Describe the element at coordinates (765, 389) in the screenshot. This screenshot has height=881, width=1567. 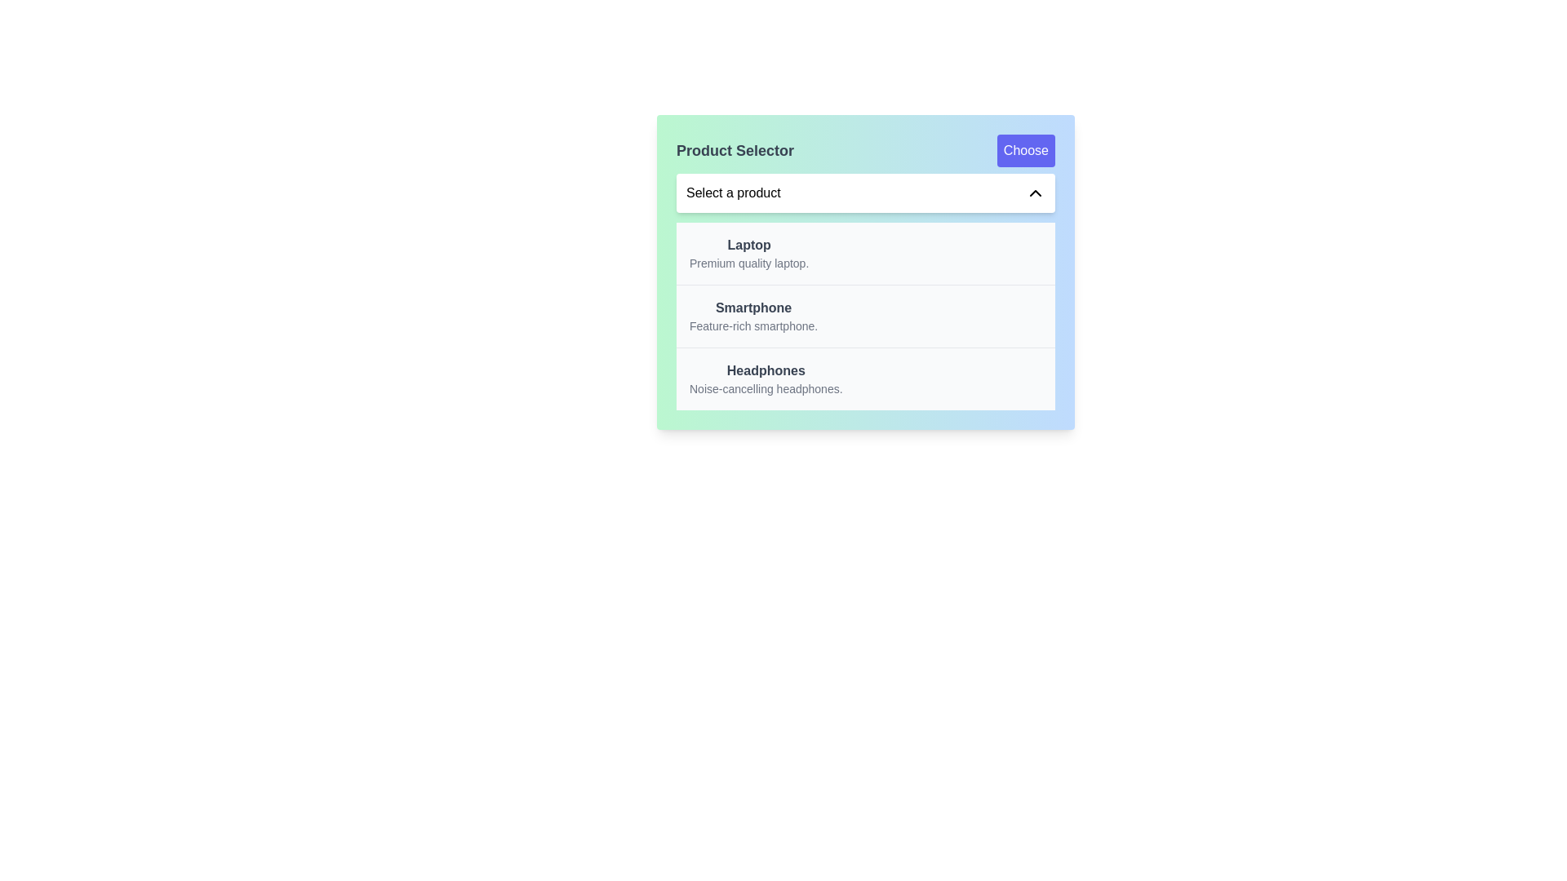
I see `the text label containing 'Noise-cancelling headphones.' located below the bold 'Headphones' text in the dropdown menu` at that location.